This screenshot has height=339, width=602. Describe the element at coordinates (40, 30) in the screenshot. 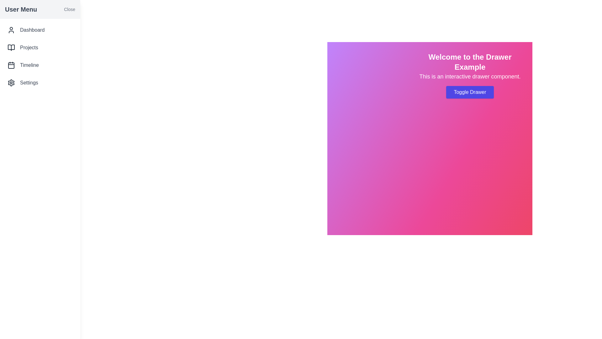

I see `the menu item Dashboard in the drawer` at that location.